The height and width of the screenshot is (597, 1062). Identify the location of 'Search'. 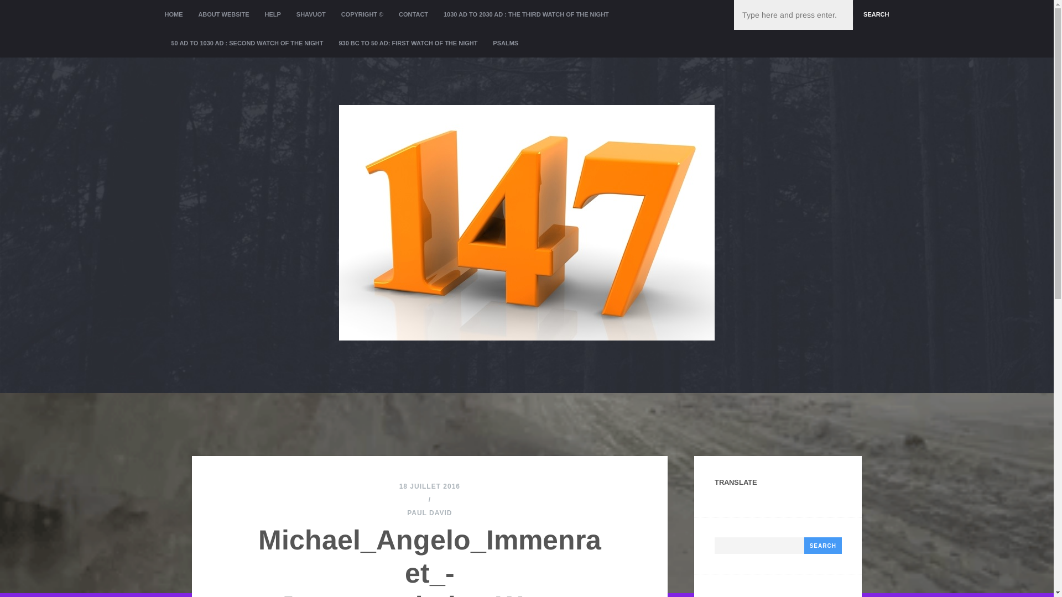
(823, 545).